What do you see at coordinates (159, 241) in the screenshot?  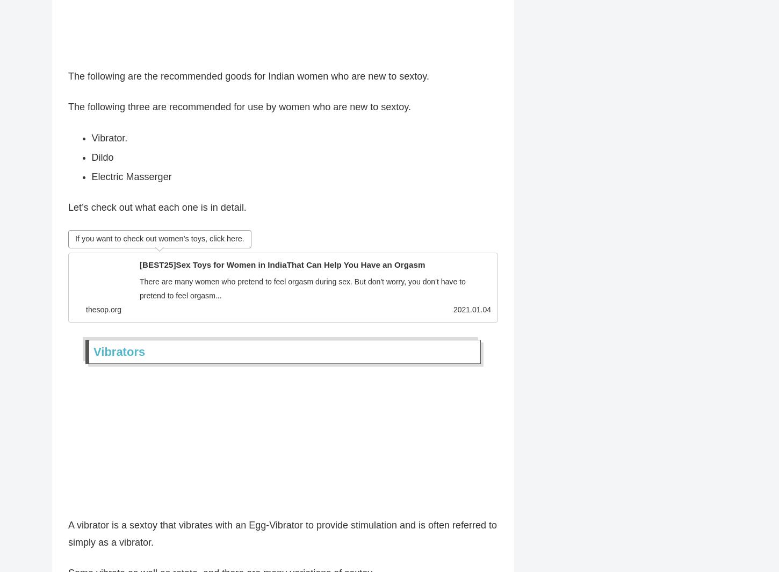 I see `'If you want to check out women’s toys, click here.'` at bounding box center [159, 241].